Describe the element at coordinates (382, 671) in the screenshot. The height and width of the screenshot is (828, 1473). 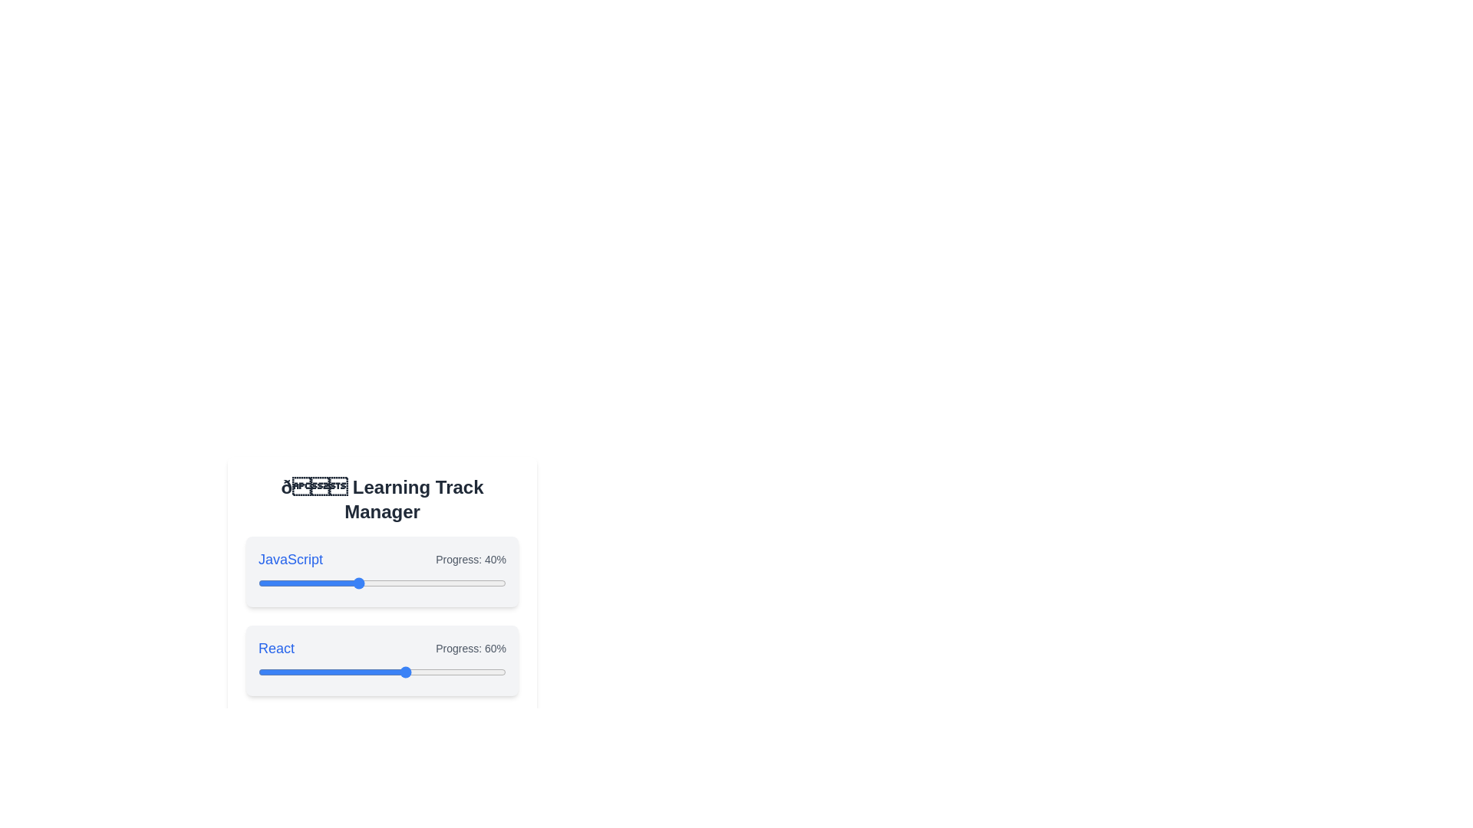
I see `the progress value` at that location.